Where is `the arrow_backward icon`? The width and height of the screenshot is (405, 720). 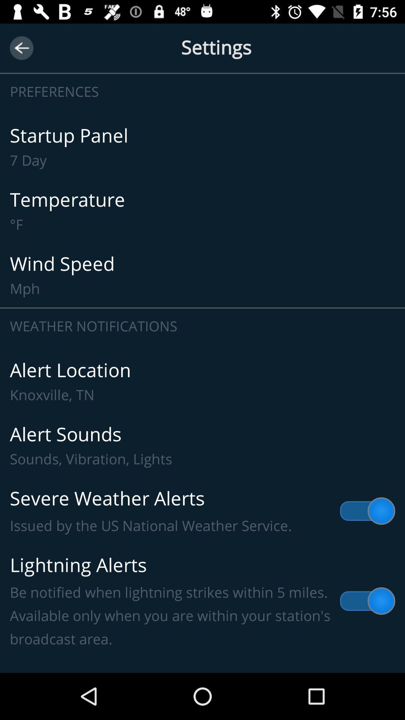 the arrow_backward icon is located at coordinates (21, 48).